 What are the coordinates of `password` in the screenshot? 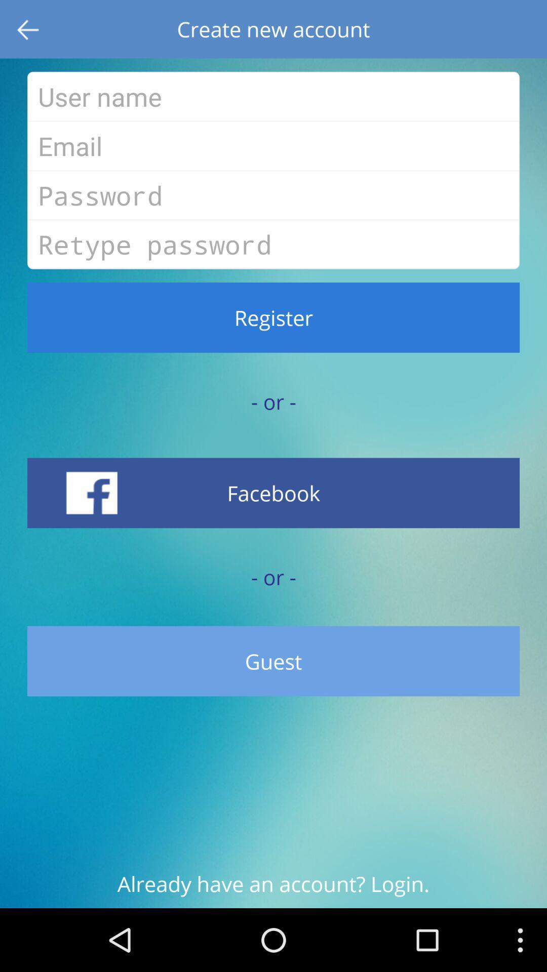 It's located at (273, 195).